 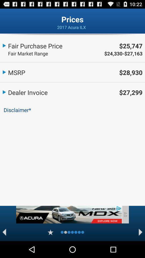 What do you see at coordinates (4, 232) in the screenshot?
I see `go back` at bounding box center [4, 232].